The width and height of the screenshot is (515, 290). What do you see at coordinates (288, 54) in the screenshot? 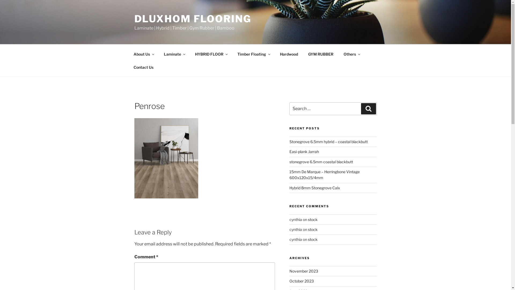
I see `'Hardwood'` at bounding box center [288, 54].